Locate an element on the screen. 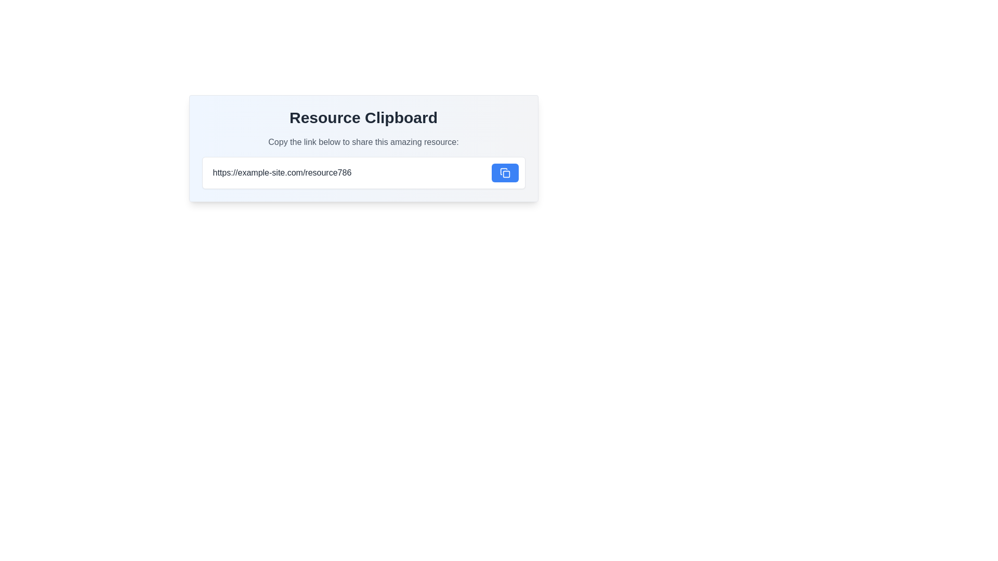  and edit the text input field within the Composite component titled 'Resource Clipboard' is located at coordinates (363, 172).